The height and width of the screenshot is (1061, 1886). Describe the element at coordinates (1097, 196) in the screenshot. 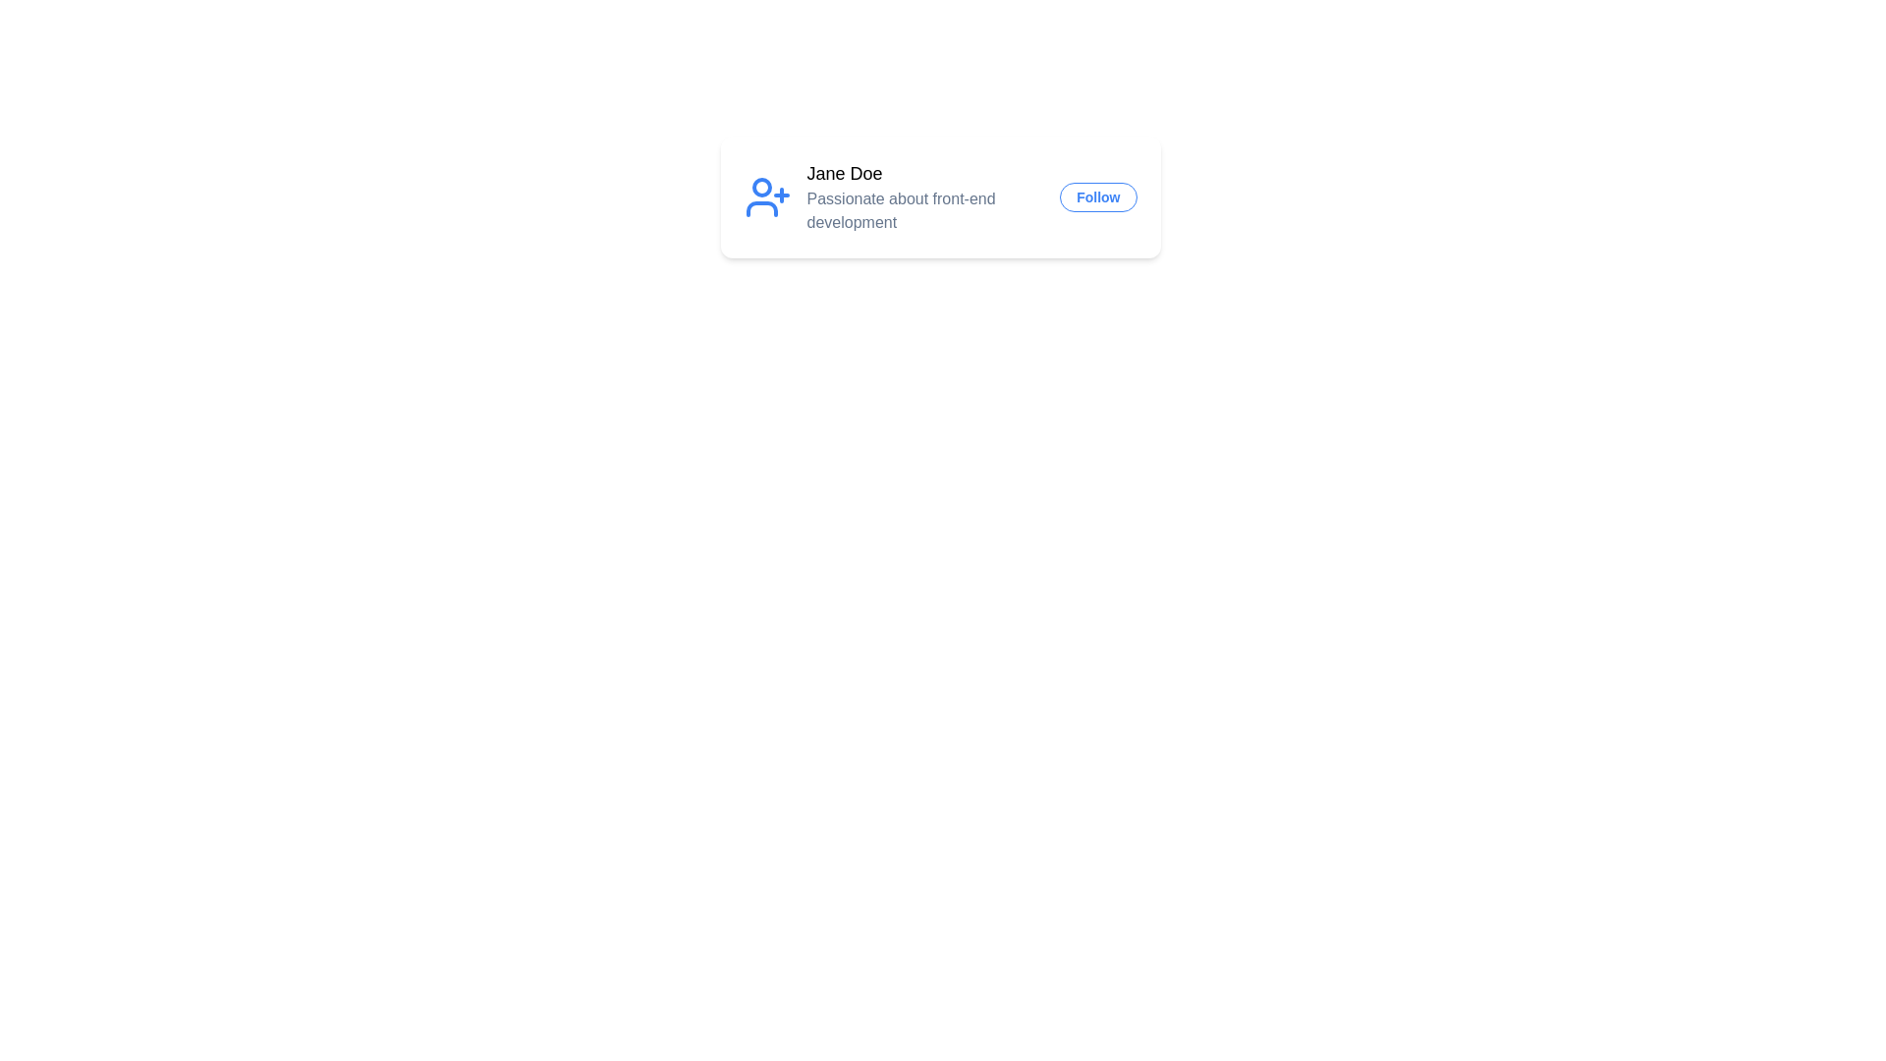

I see `the follow button located at the top-right corner of the user information card to initiate the follow action` at that location.